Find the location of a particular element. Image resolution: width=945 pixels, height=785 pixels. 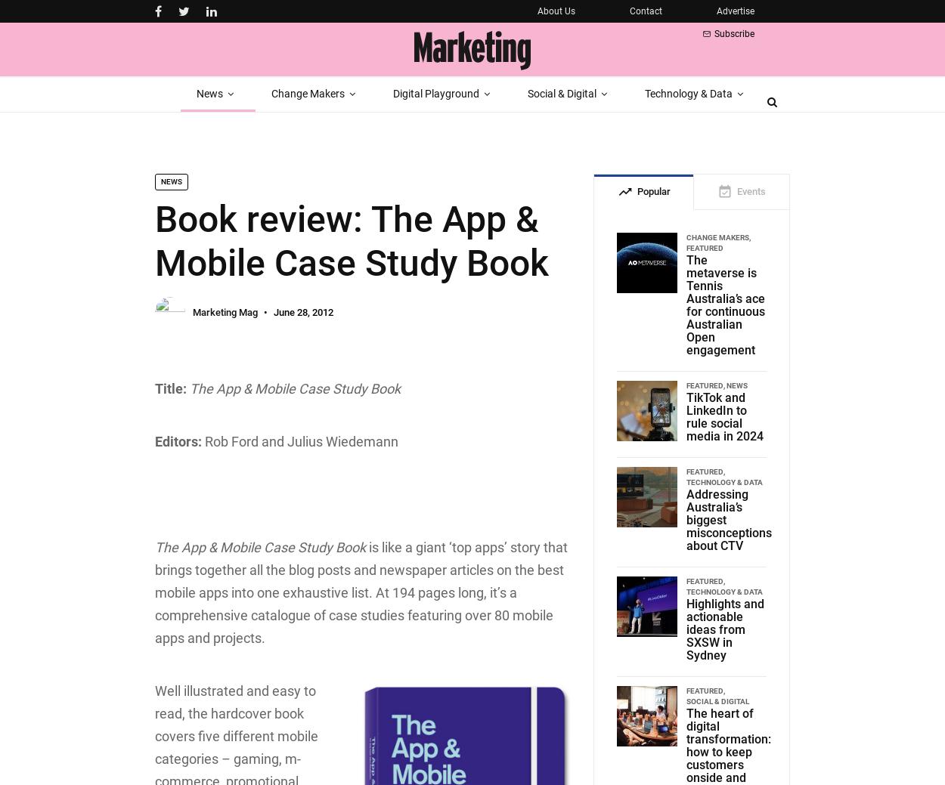

'Social & Digital' is located at coordinates (686, 701).